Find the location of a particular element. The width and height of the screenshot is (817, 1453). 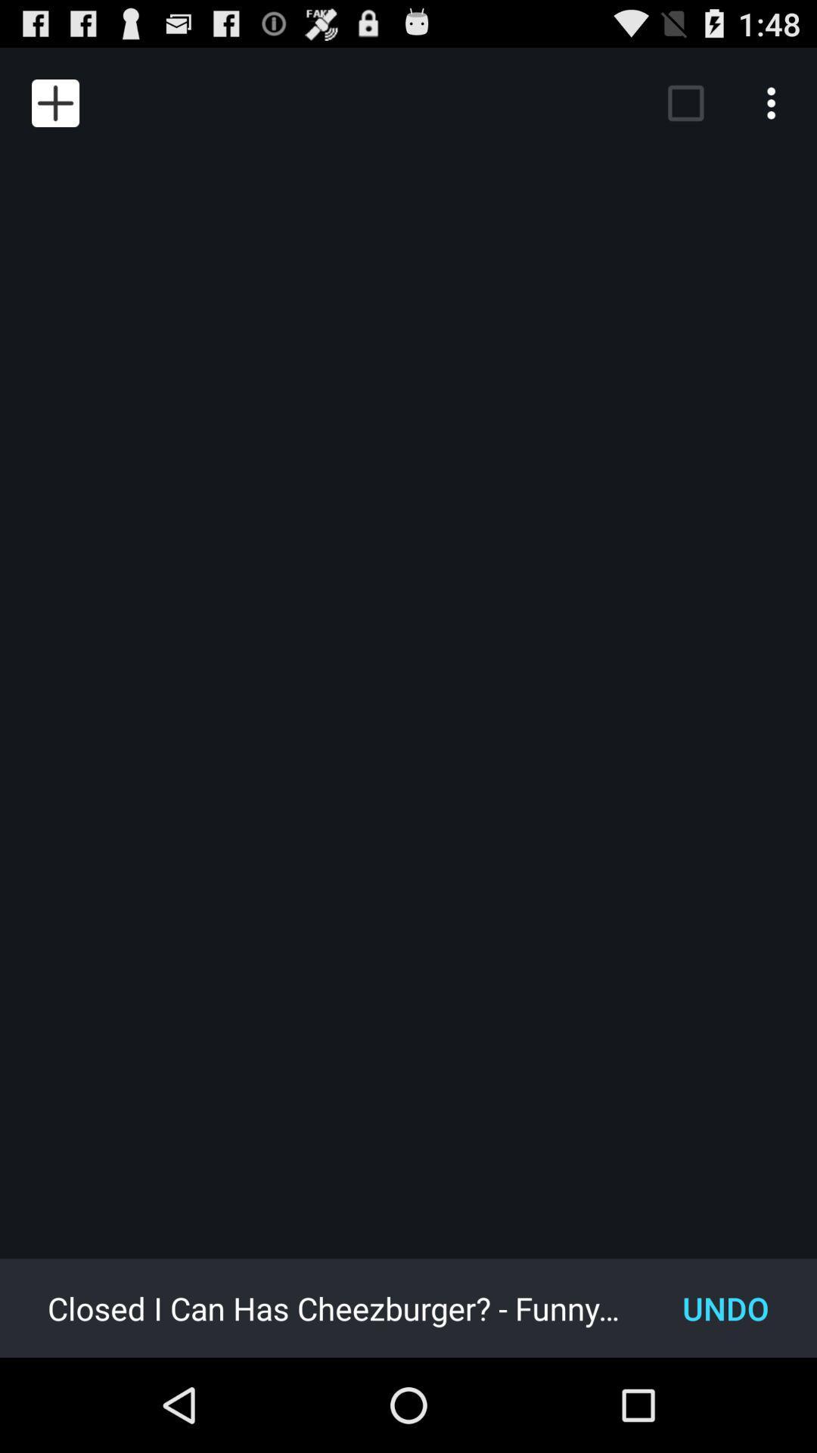

the icon above the undo icon is located at coordinates (775, 102).